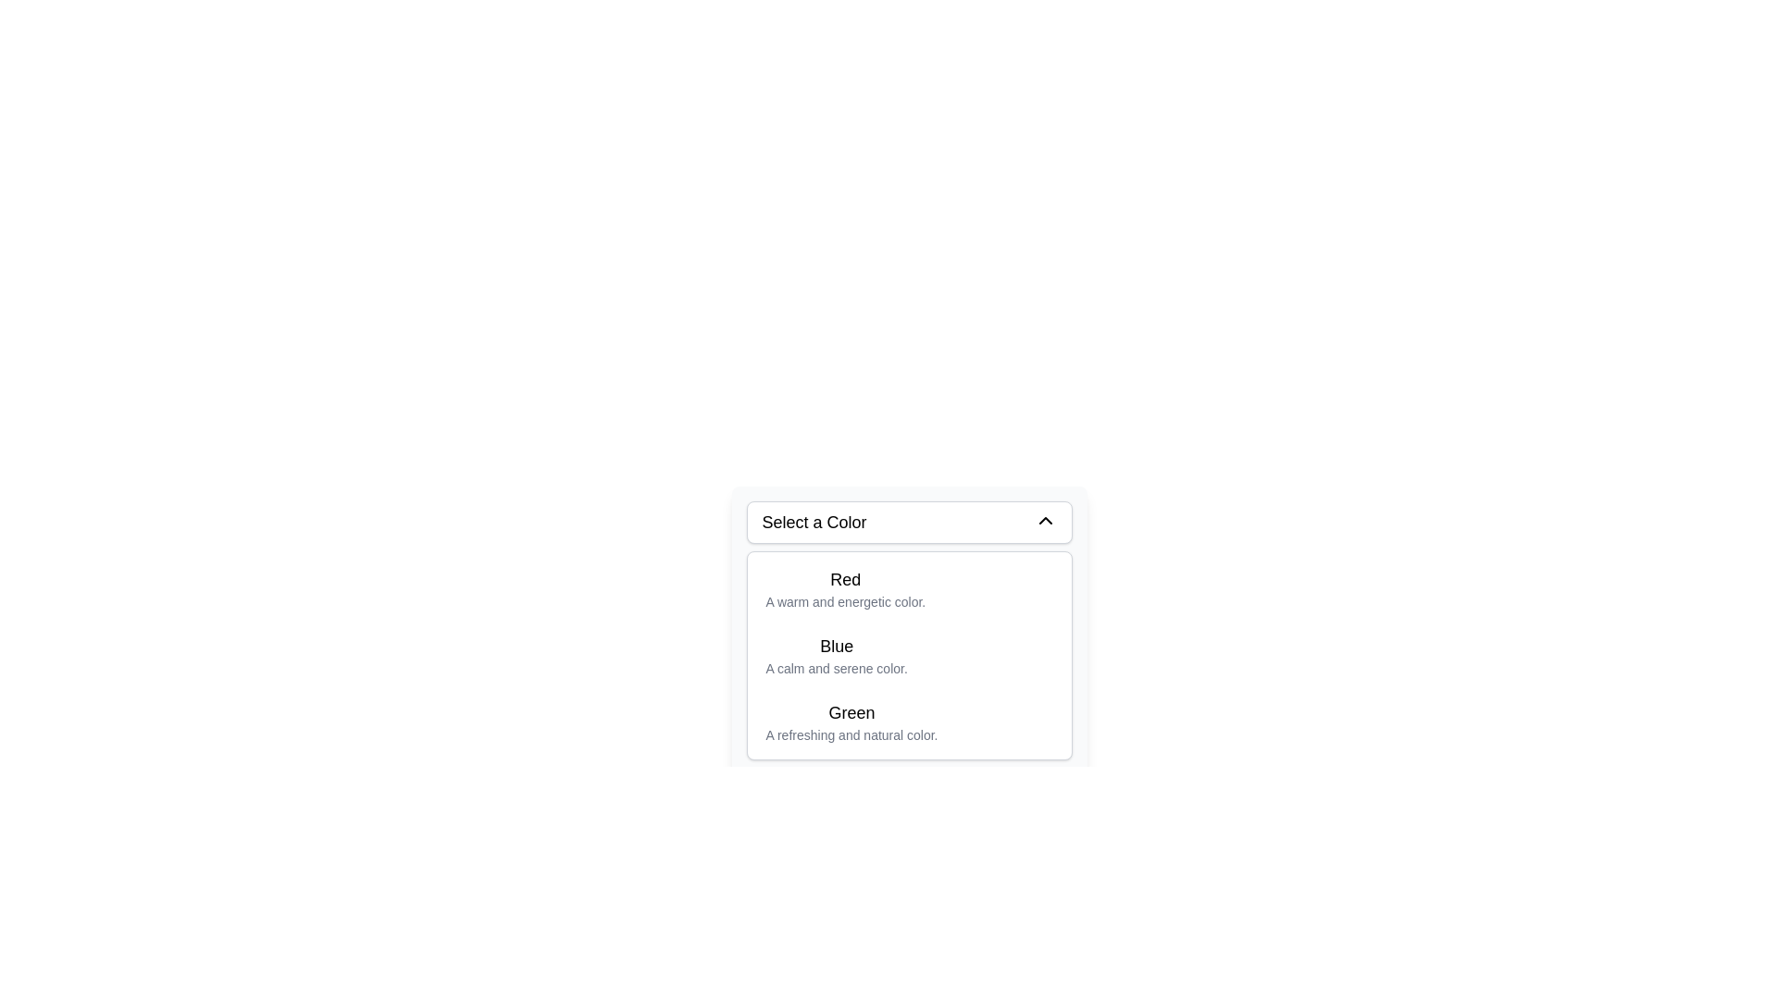  I want to click on the 'Red' text label in the 'Select a Color' dropdown menu to allow users to identify this color option, so click(844, 579).